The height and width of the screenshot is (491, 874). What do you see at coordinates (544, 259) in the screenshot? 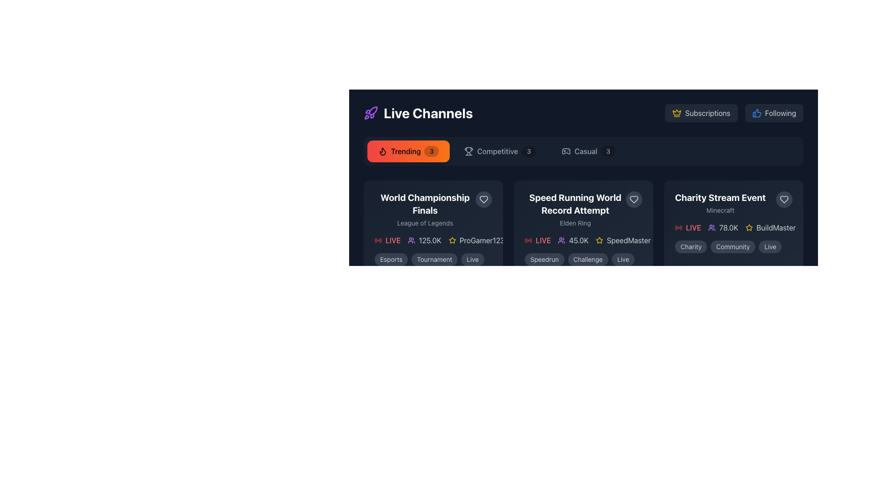
I see `the first label, 'Speedrun', located at the bottom left of the 'Speed Running World Record Attempt' card in the 'Live Channels' section` at bounding box center [544, 259].